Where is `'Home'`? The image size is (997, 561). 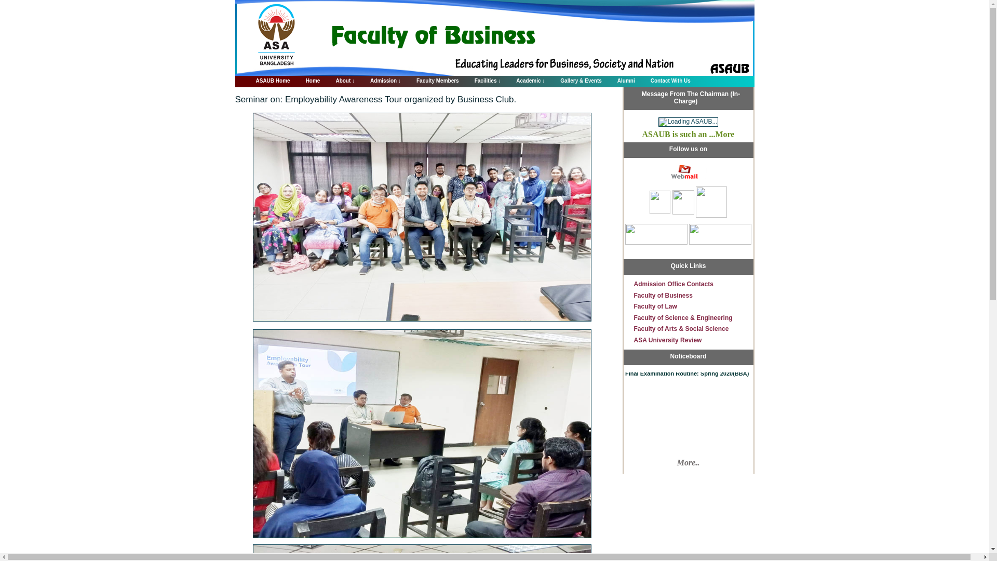 'Home' is located at coordinates (307, 79).